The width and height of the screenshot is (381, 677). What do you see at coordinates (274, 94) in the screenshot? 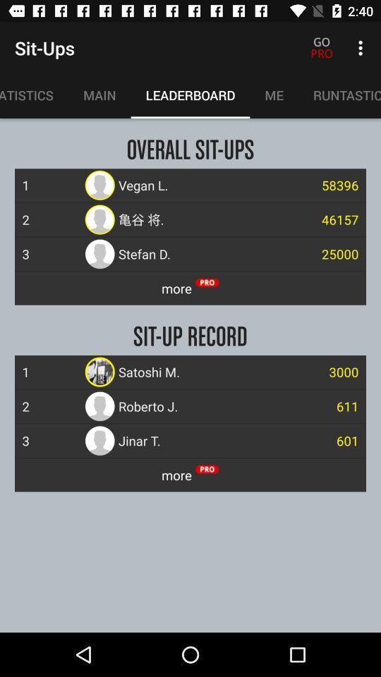
I see `the icon next to the runtastic apps icon` at bounding box center [274, 94].